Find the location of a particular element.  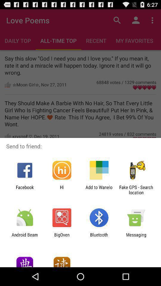

the bigoven is located at coordinates (61, 237).